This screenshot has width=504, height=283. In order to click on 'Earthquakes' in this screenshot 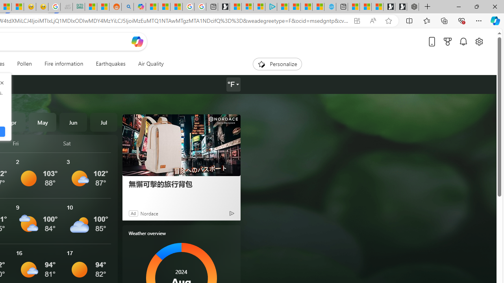, I will do `click(110, 64)`.